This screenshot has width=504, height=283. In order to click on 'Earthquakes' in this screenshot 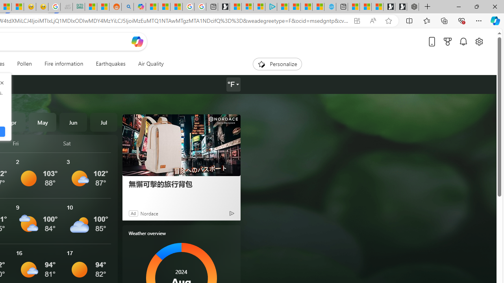, I will do `click(110, 64)`.